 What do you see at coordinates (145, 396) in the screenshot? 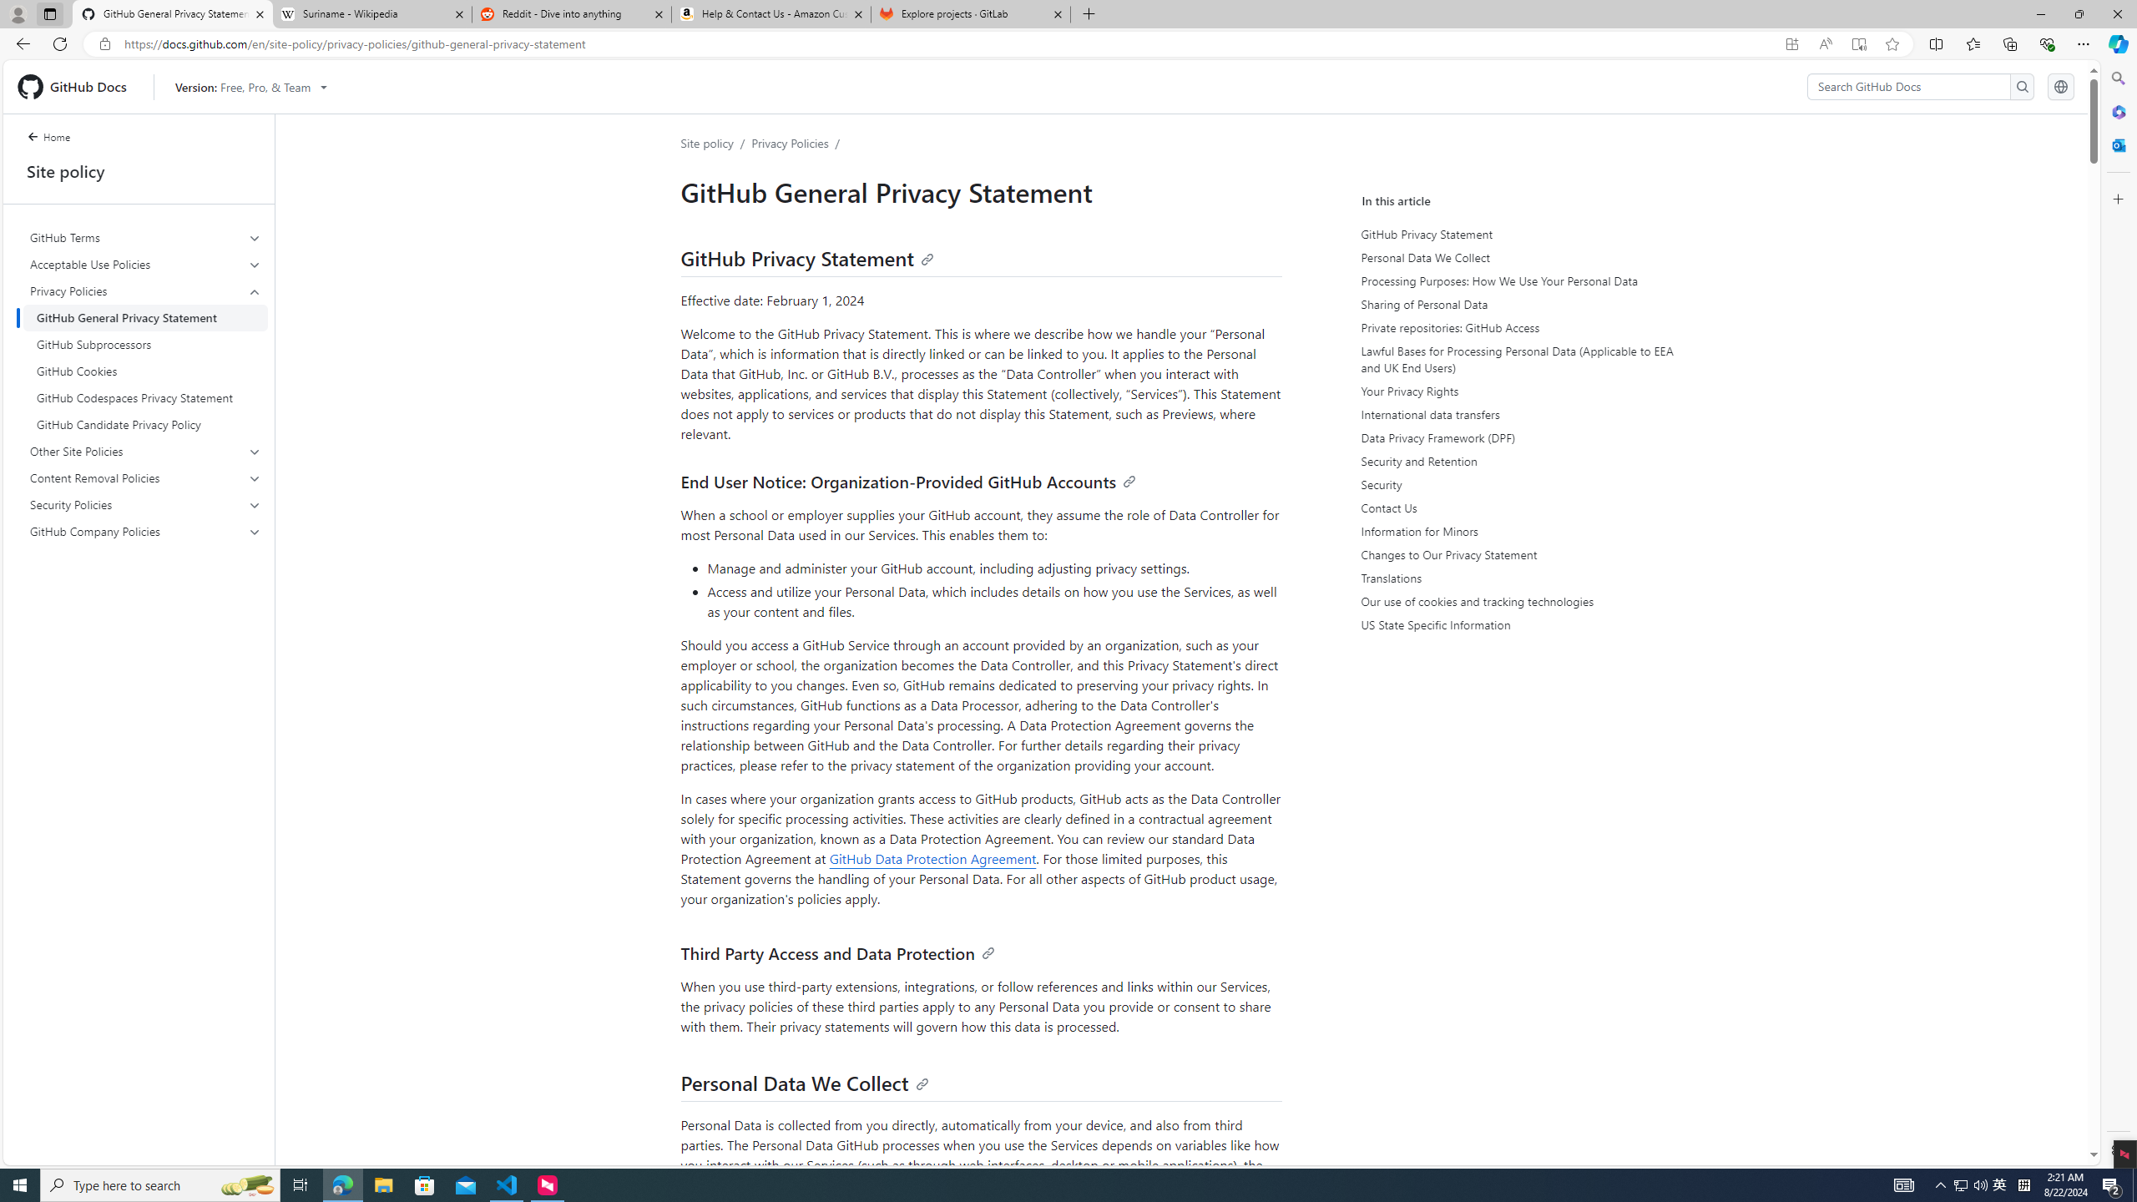
I see `'GitHub Codespaces Privacy Statement'` at bounding box center [145, 396].